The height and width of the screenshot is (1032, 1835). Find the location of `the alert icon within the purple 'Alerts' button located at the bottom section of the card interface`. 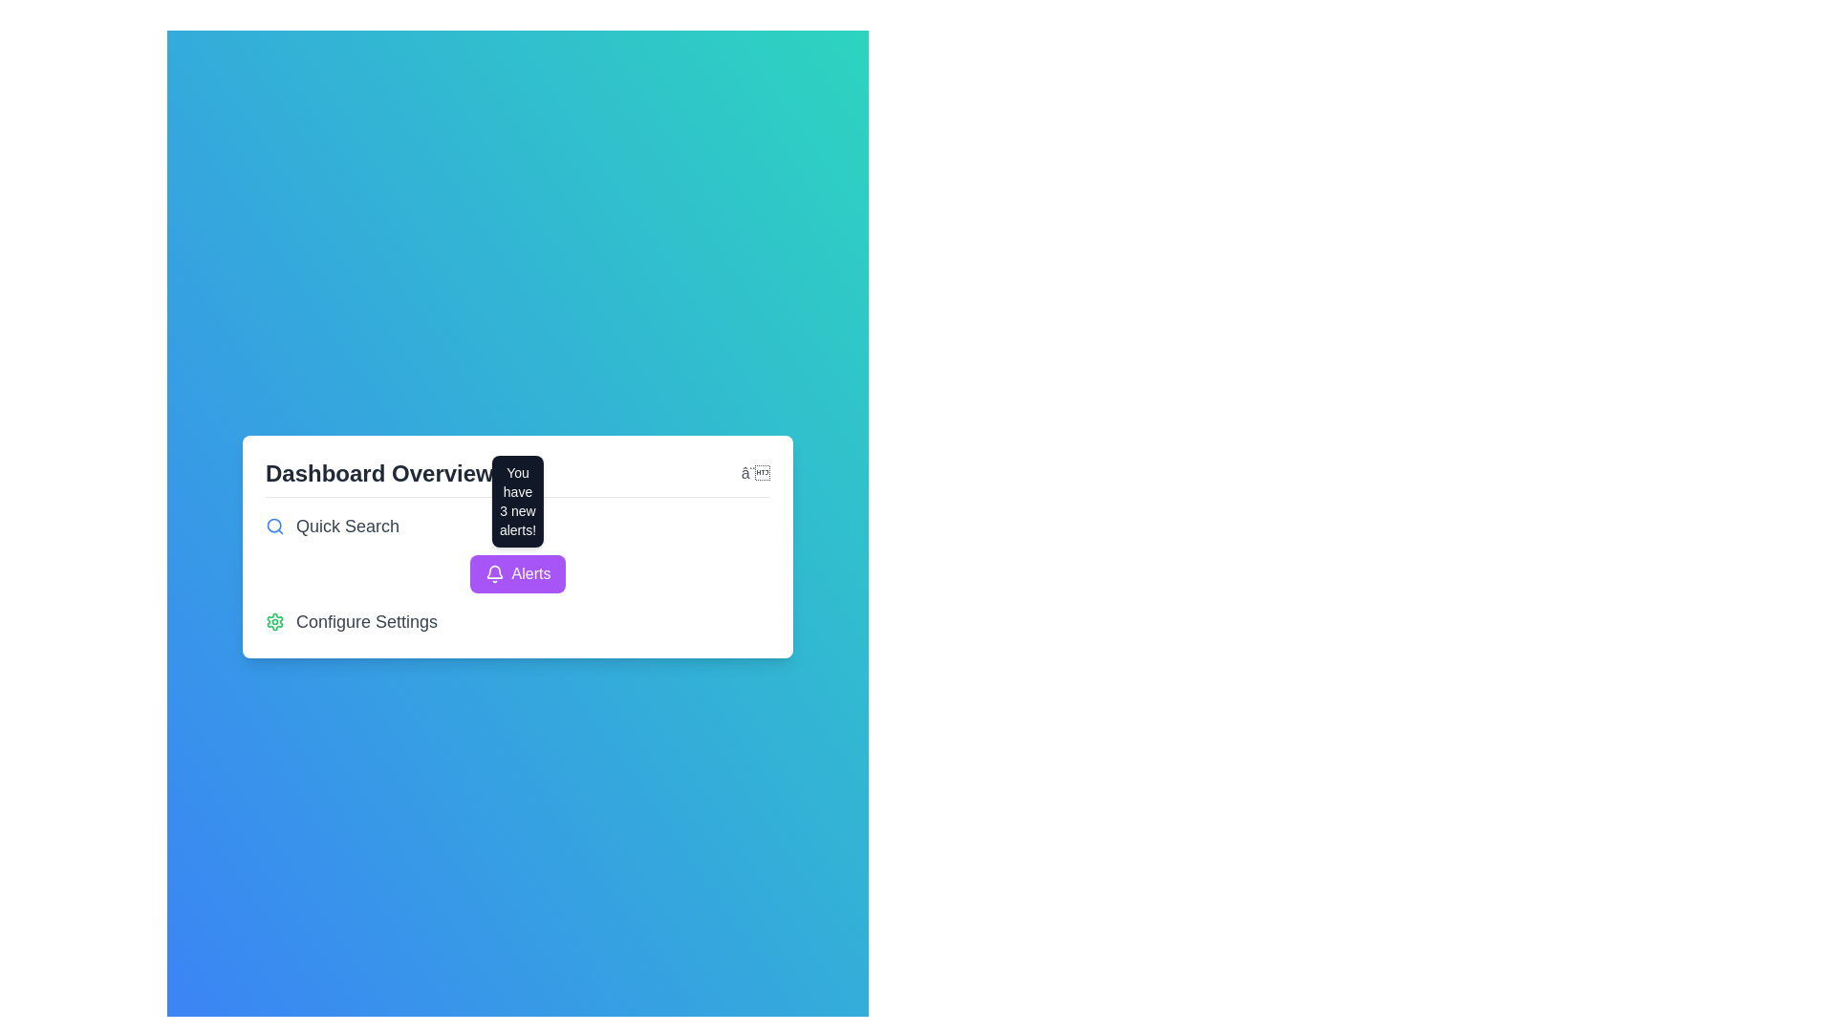

the alert icon within the purple 'Alerts' button located at the bottom section of the card interface is located at coordinates (494, 572).